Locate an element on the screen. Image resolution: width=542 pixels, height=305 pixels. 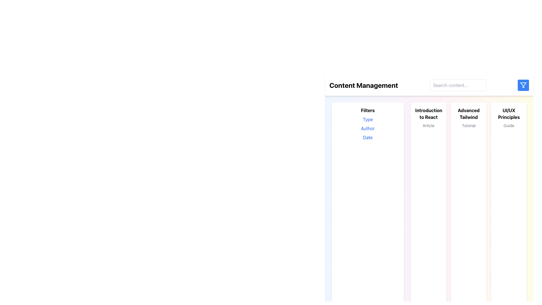
the 'Tutorial' text label, which is styled in gray and positioned below the 'Advanced Tailwind' header within its card is located at coordinates (469, 125).